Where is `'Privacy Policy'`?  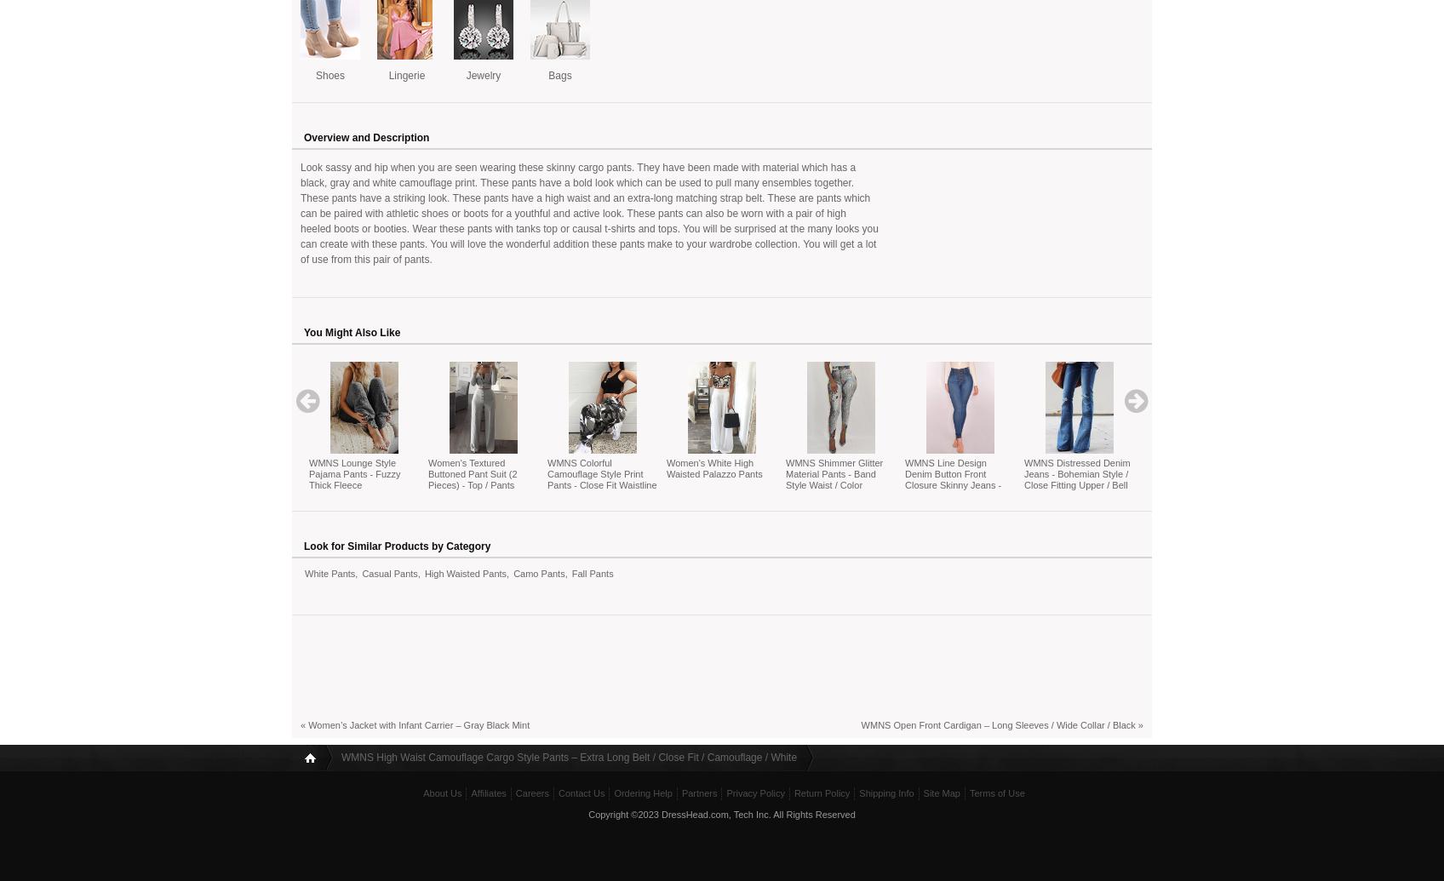
'Privacy Policy' is located at coordinates (755, 792).